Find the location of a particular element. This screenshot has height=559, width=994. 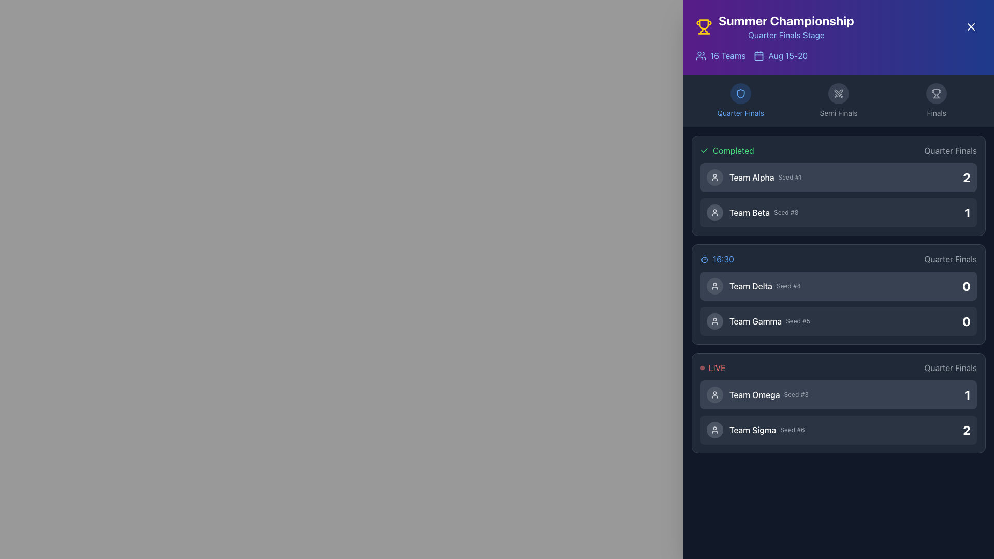

the 'Team Beta Seed #8' text block, which features a bold white heading 'Team Beta' and a subheading 'Seed #8', located in the second card of the 'Completed' section is located at coordinates (752, 212).